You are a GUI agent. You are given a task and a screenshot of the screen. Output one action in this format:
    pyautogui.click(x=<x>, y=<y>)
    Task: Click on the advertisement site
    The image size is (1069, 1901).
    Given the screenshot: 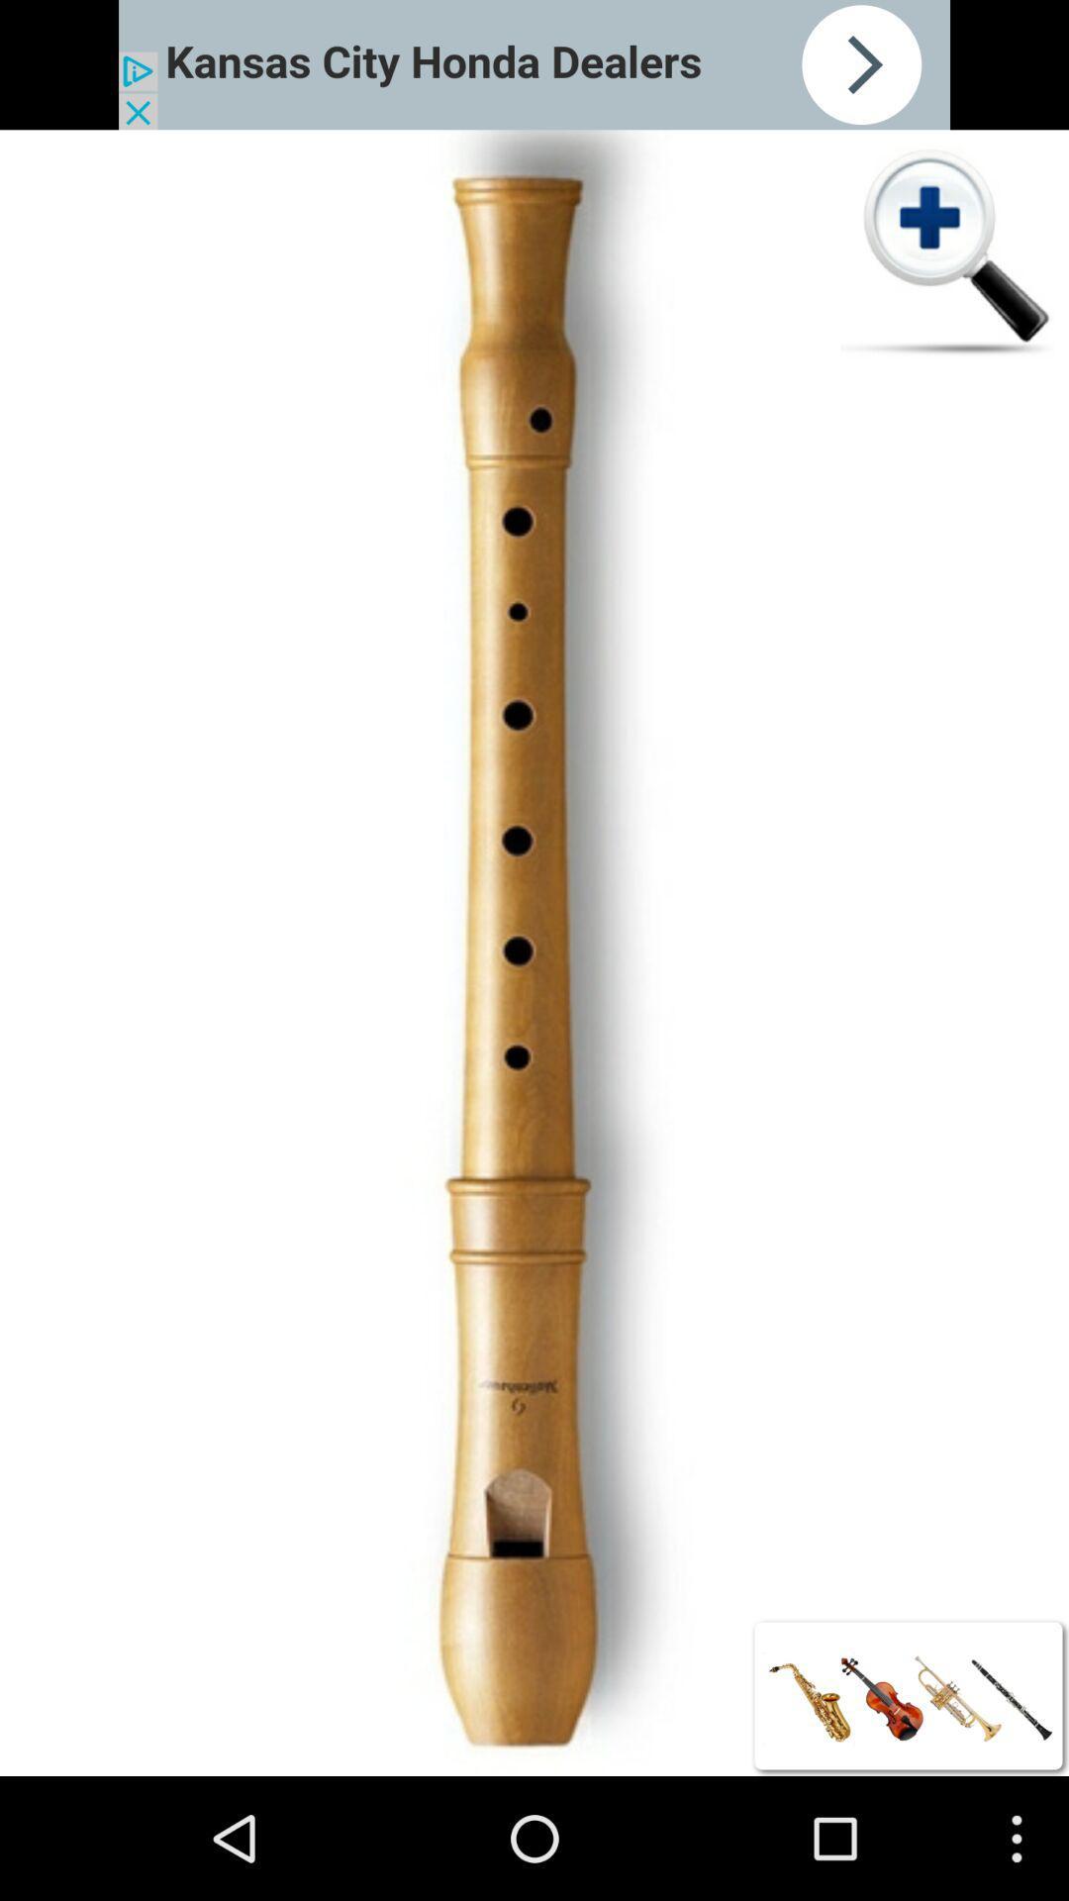 What is the action you would take?
    pyautogui.click(x=534, y=64)
    